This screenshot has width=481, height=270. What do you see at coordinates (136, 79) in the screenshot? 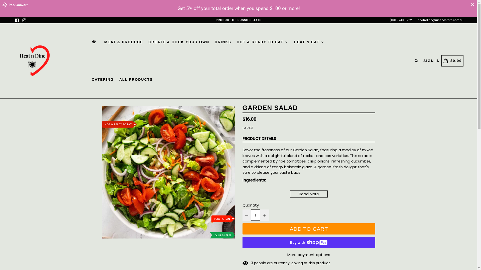
I see `'ALL PRODUCTS'` at bounding box center [136, 79].